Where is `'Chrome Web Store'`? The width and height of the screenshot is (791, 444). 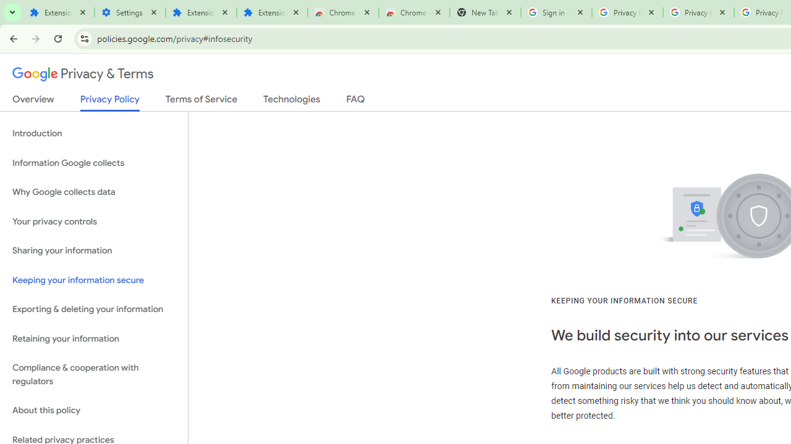
'Chrome Web Store' is located at coordinates (343, 12).